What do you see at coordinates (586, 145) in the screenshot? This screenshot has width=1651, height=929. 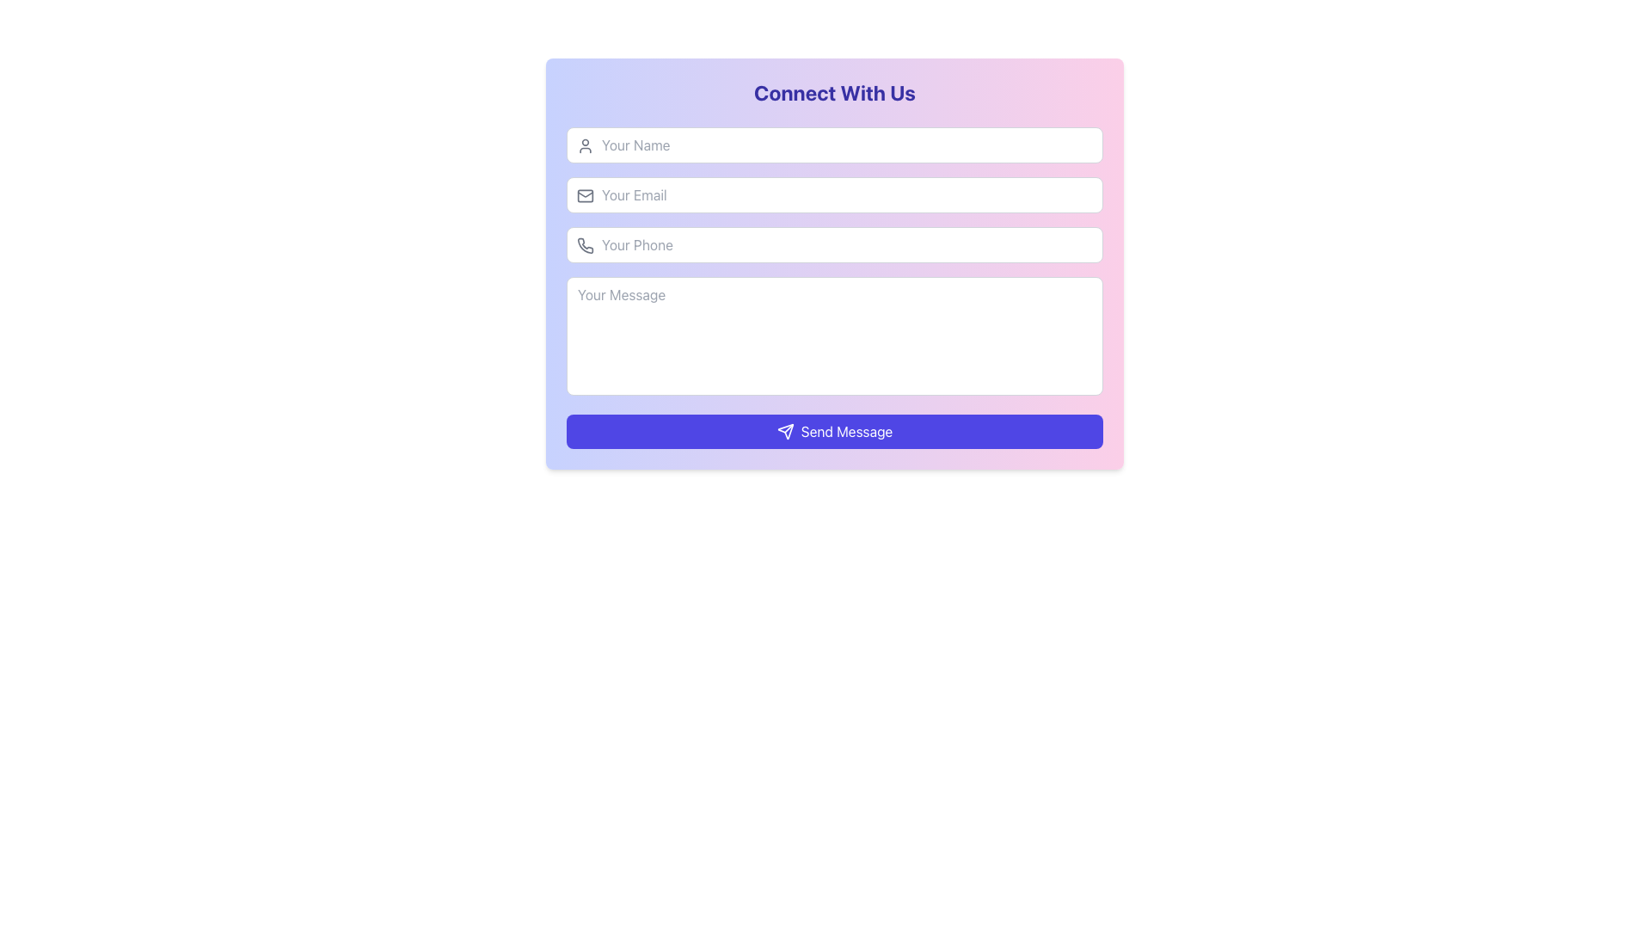 I see `the icon located in the top-left corner of the 'Your Name' text input field, which serves as a decorative marker for the field` at bounding box center [586, 145].